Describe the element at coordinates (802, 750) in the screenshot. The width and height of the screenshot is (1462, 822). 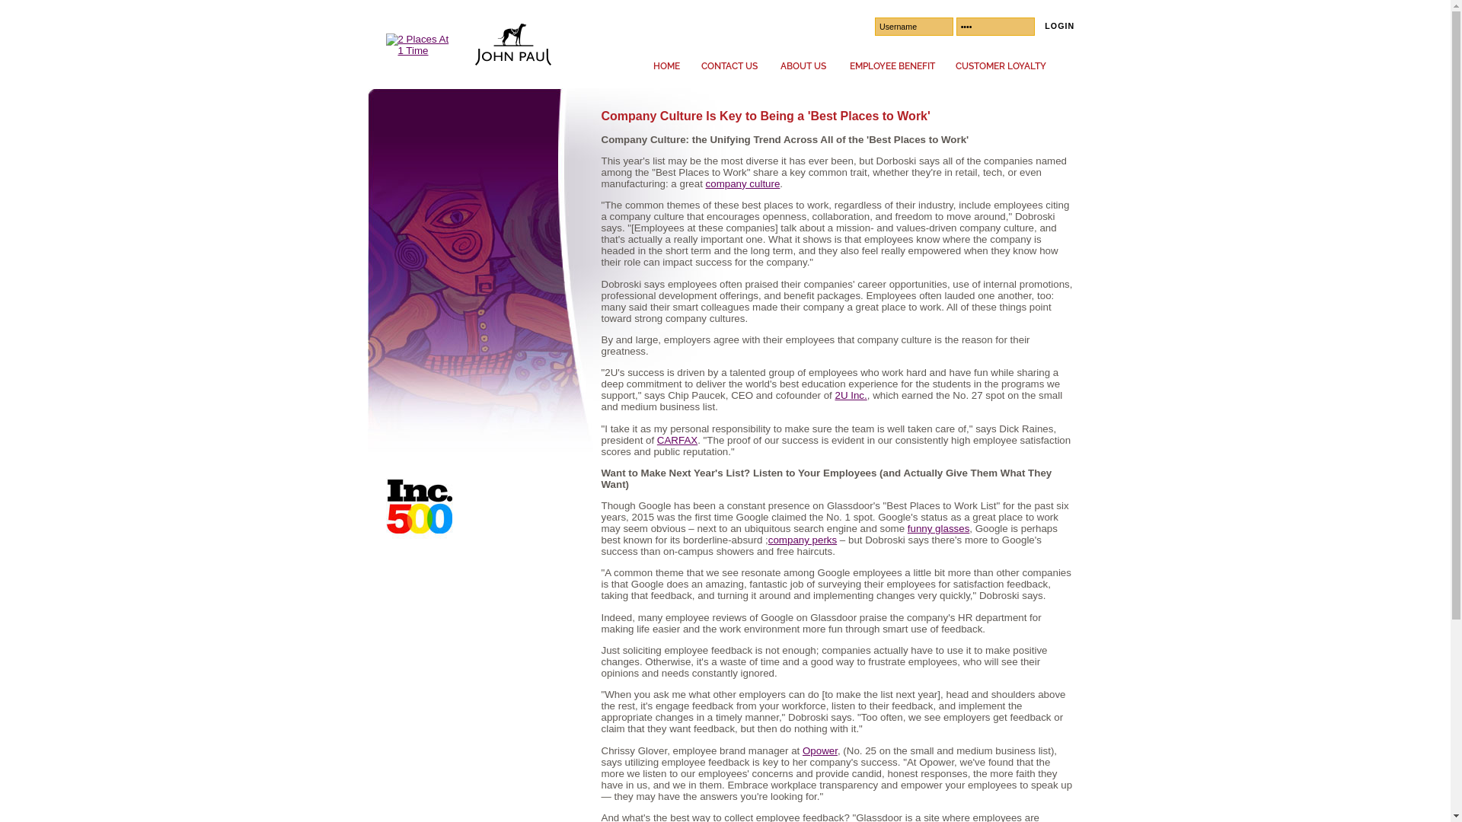
I see `'Opower'` at that location.